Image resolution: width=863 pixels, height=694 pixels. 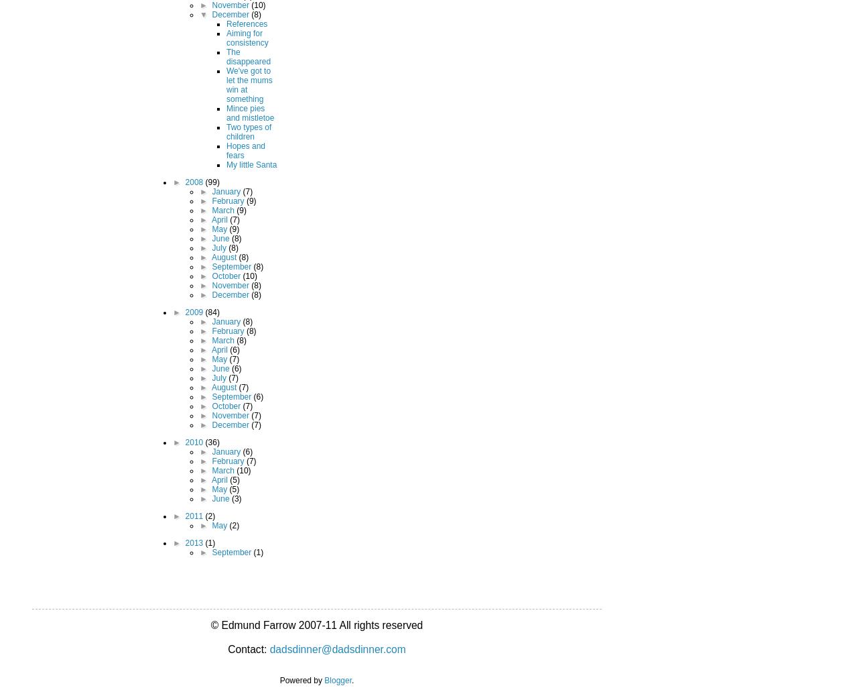 I want to click on '2010', so click(x=194, y=441).